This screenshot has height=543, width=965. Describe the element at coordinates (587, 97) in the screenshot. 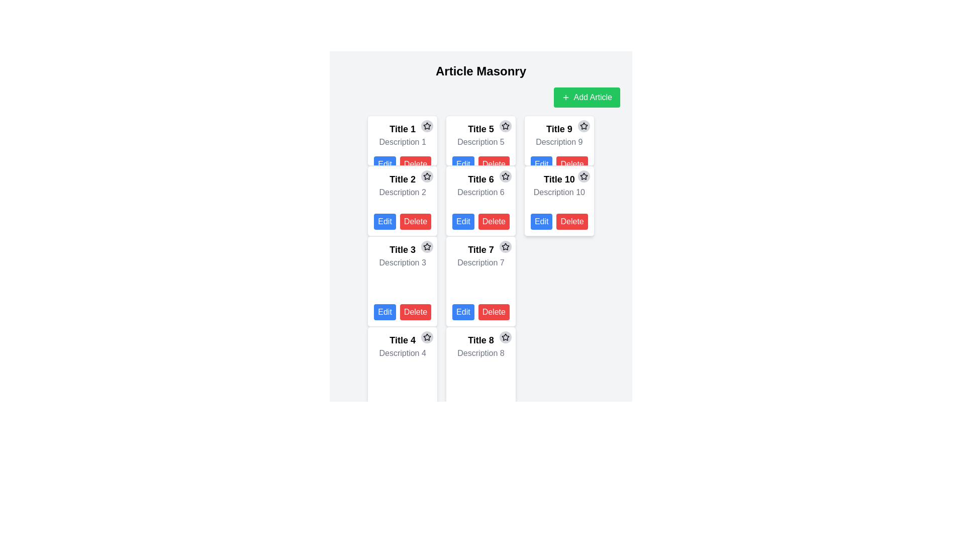

I see `the 'Add Article' button, which is a green rectangular button with white text and a plus sign icon, located at the top-right corner of the interface` at that location.